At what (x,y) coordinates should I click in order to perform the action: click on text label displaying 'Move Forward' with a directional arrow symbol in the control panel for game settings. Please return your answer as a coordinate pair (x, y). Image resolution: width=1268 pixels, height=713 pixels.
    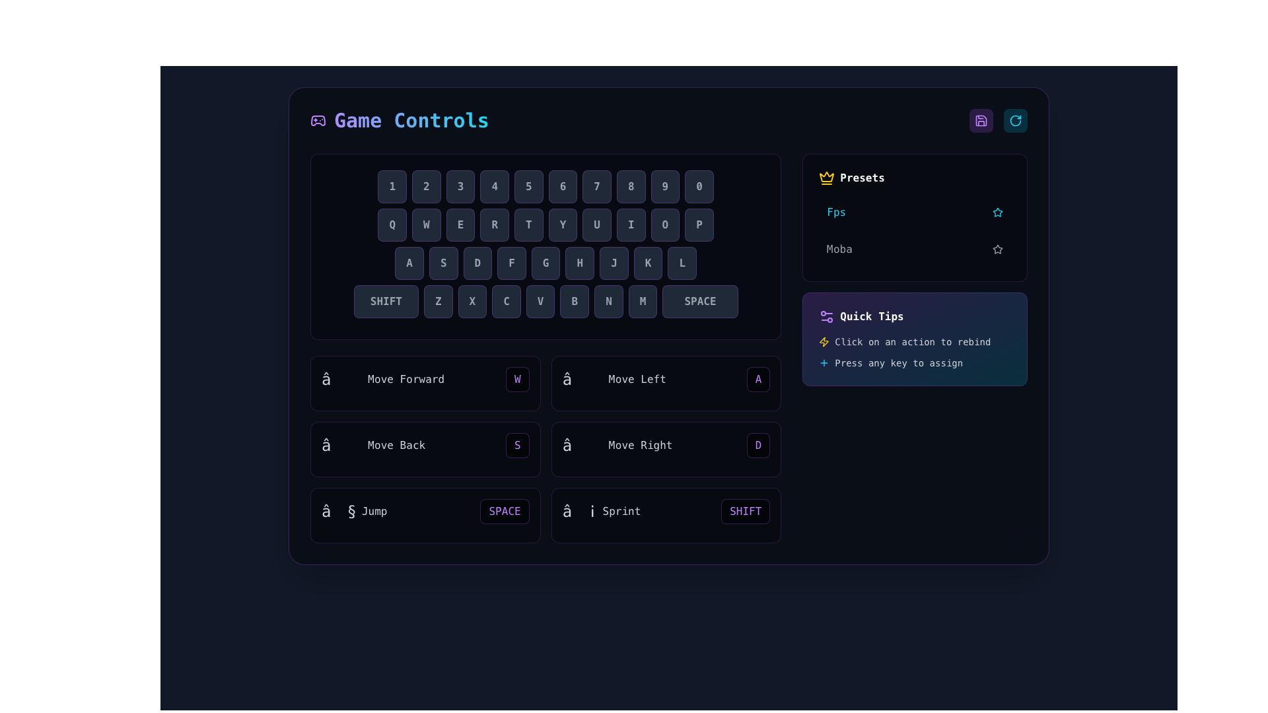
    Looking at the image, I should click on (382, 379).